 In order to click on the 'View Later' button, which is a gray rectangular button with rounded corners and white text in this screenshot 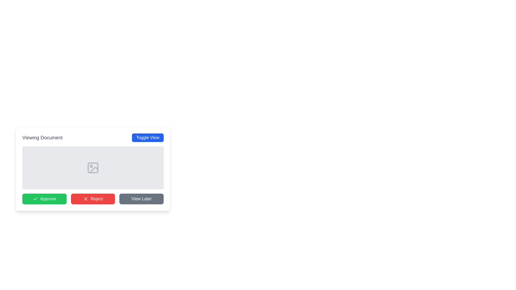, I will do `click(141, 199)`.